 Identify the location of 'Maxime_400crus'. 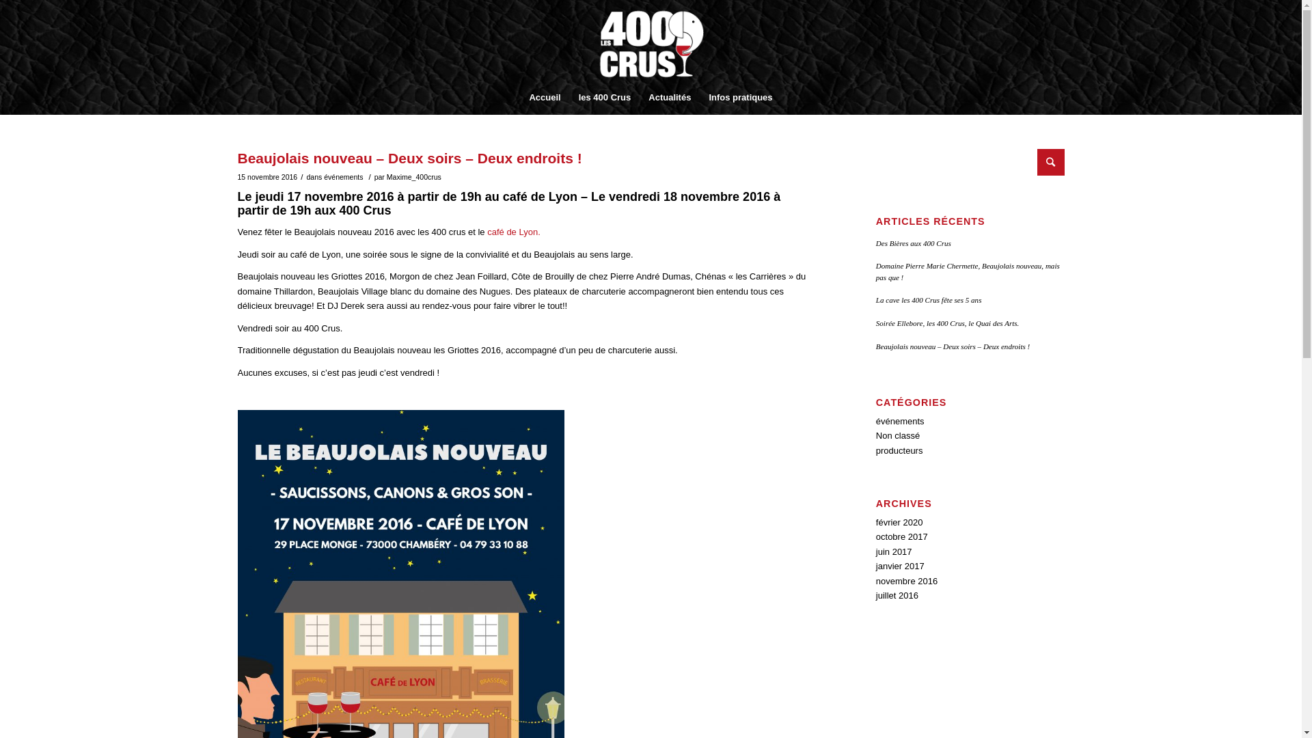
(413, 176).